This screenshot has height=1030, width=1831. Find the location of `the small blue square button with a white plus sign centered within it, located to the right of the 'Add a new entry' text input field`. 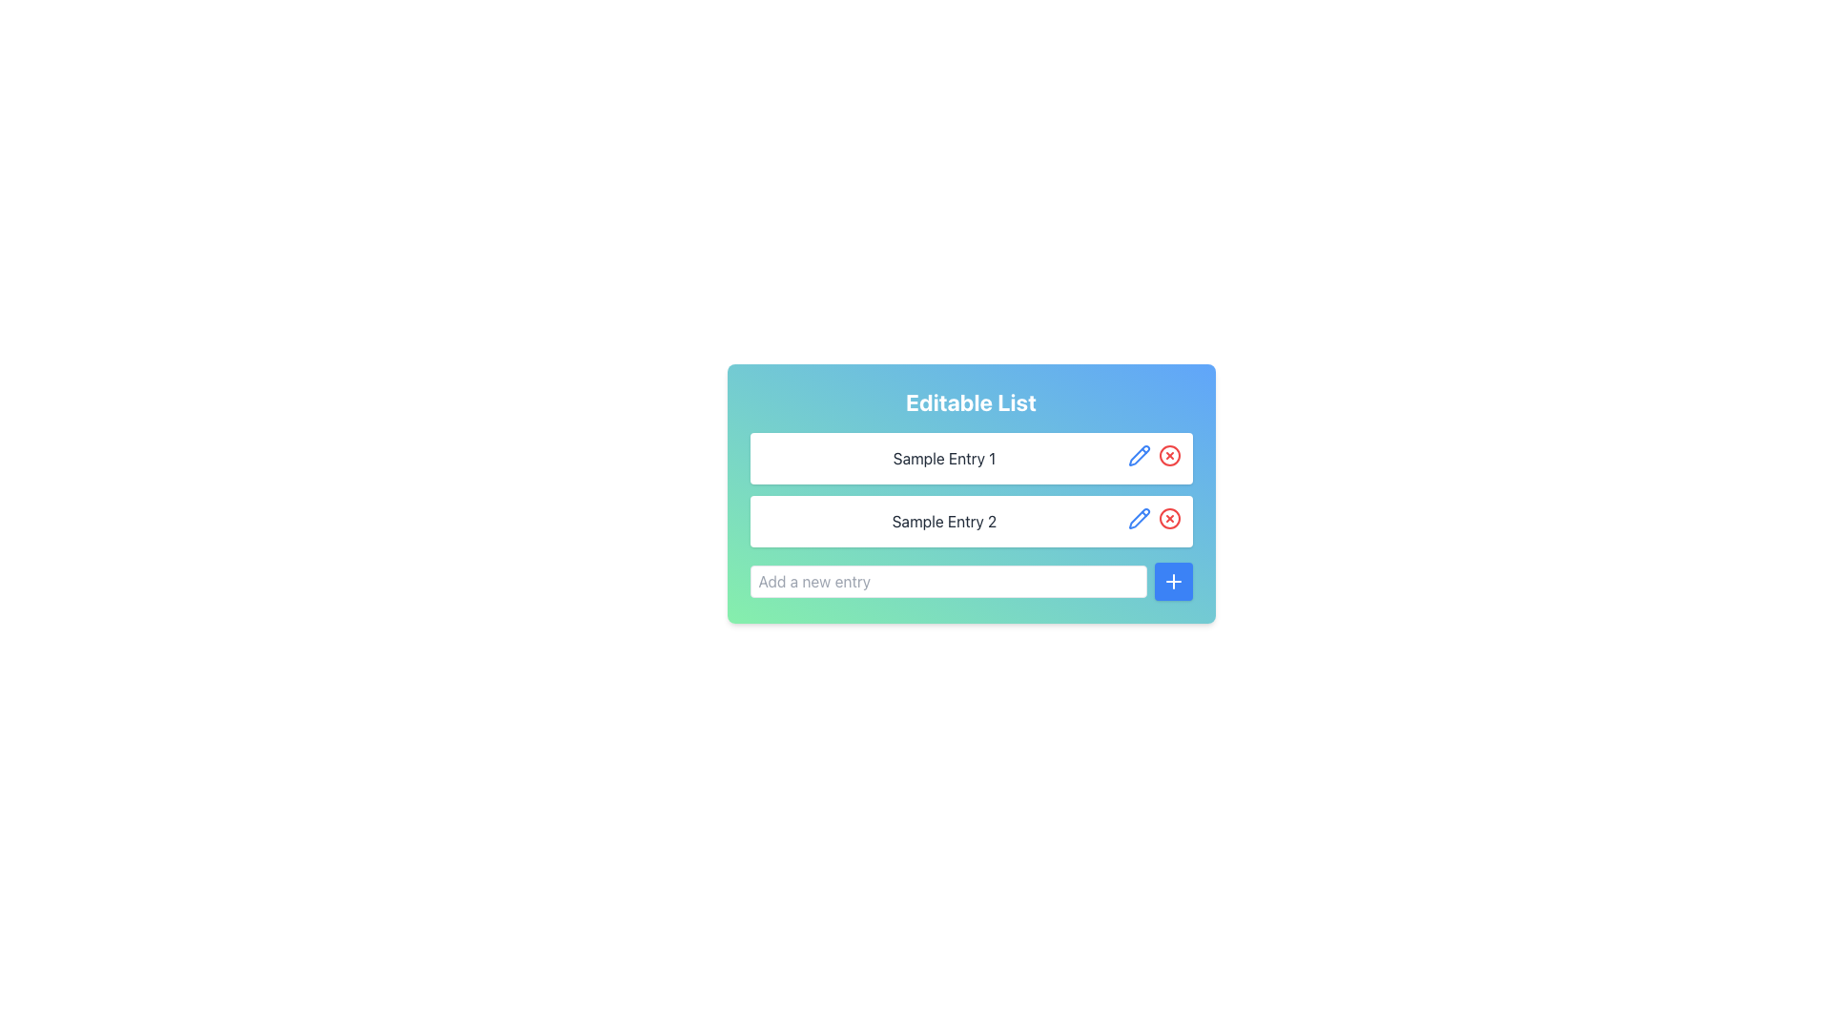

the small blue square button with a white plus sign centered within it, located to the right of the 'Add a new entry' text input field is located at coordinates (1171, 580).